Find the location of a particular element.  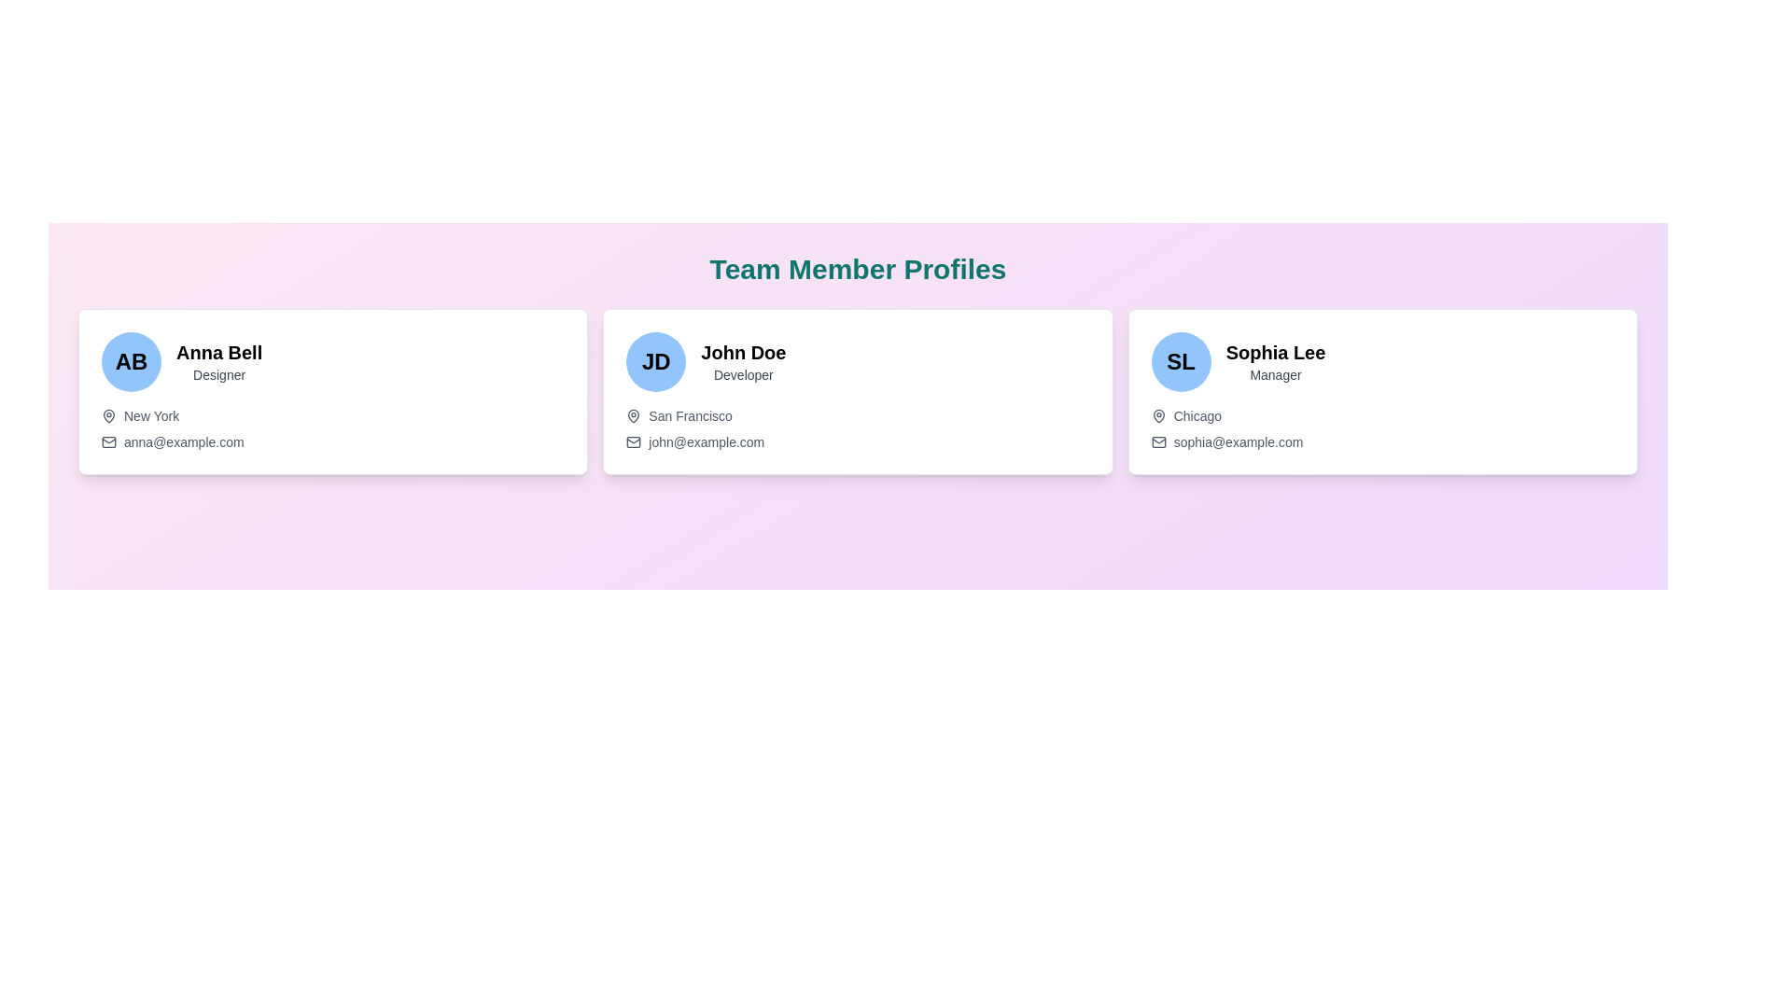

location marker icon within Anna Bell's profile card in the New York section, located to the left of the location text is located at coordinates (107, 413).